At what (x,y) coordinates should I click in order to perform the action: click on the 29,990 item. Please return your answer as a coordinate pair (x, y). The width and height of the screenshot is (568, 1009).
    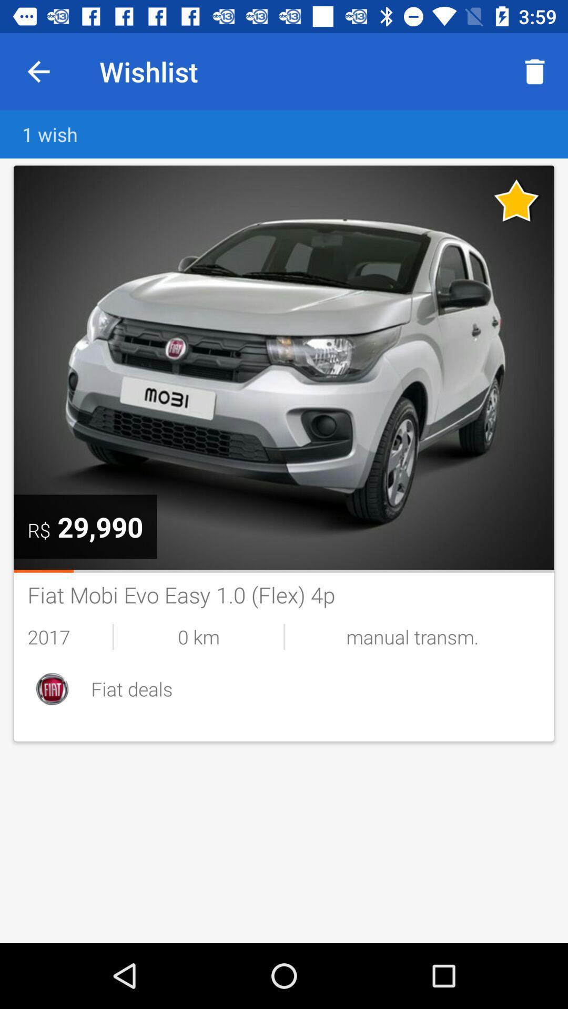
    Looking at the image, I should click on (100, 527).